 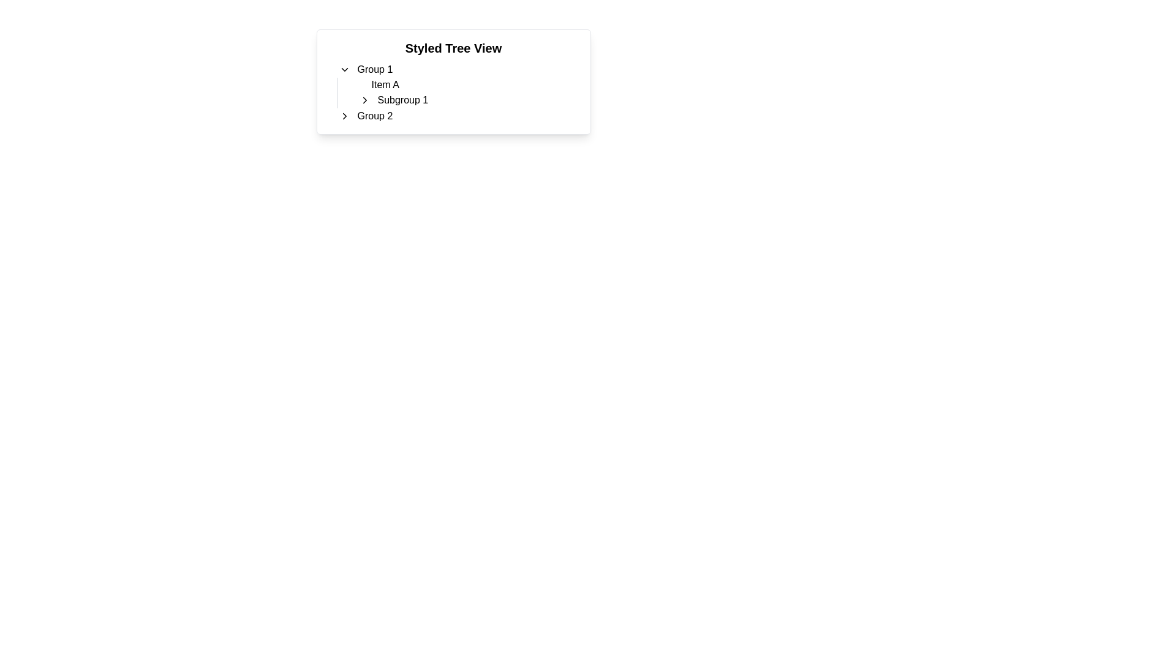 I want to click on the Tree View Item labeled 'Subgroup 1', so click(x=467, y=100).